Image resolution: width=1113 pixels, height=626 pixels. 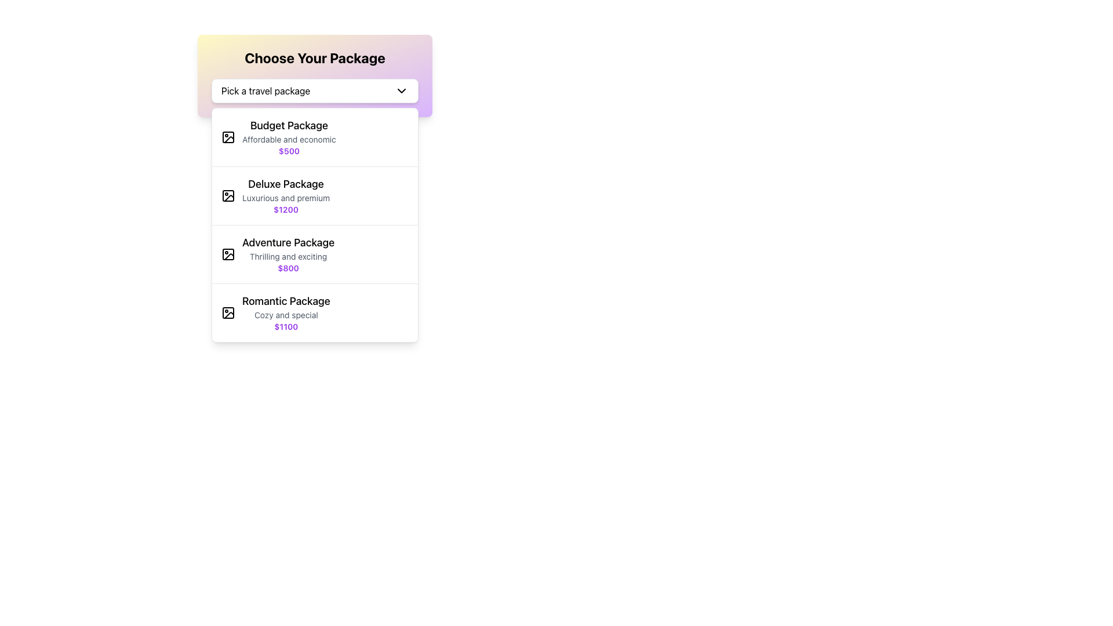 I want to click on the 'Adventure Package' list item, so click(x=288, y=254).